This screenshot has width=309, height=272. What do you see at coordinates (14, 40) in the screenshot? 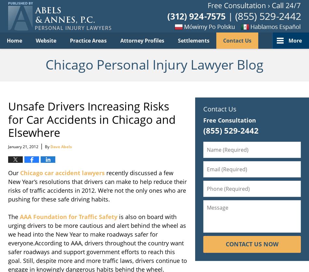
I see `'Home'` at bounding box center [14, 40].